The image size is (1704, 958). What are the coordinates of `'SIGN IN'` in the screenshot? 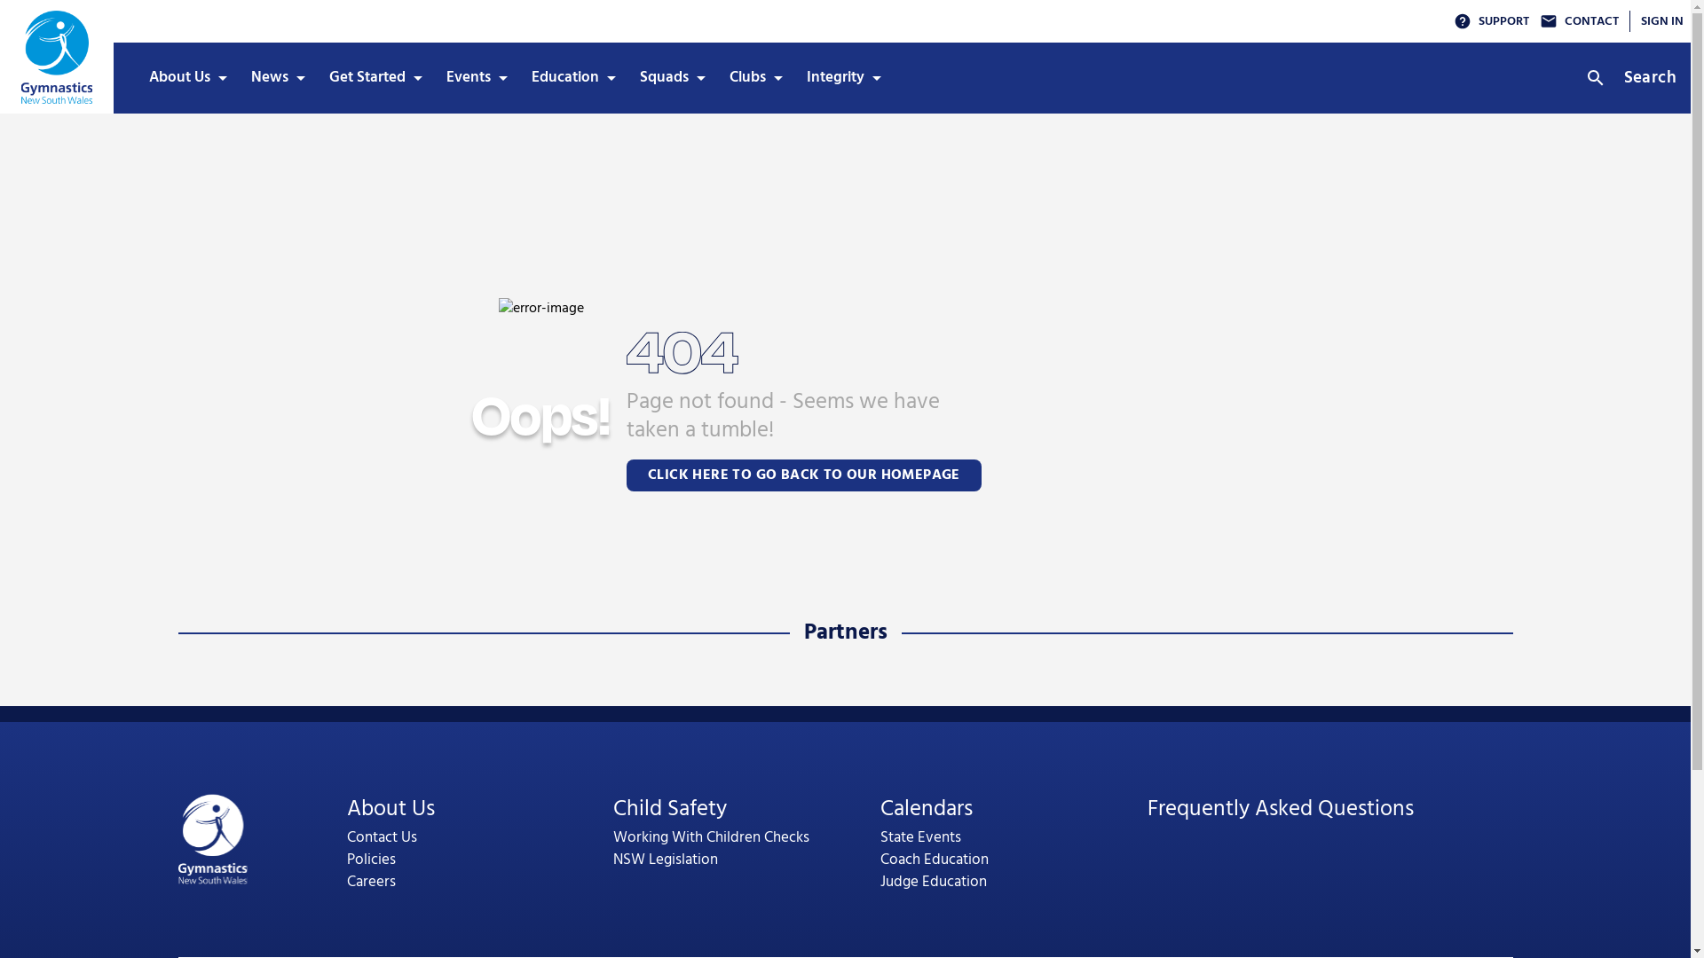 It's located at (1629, 20).